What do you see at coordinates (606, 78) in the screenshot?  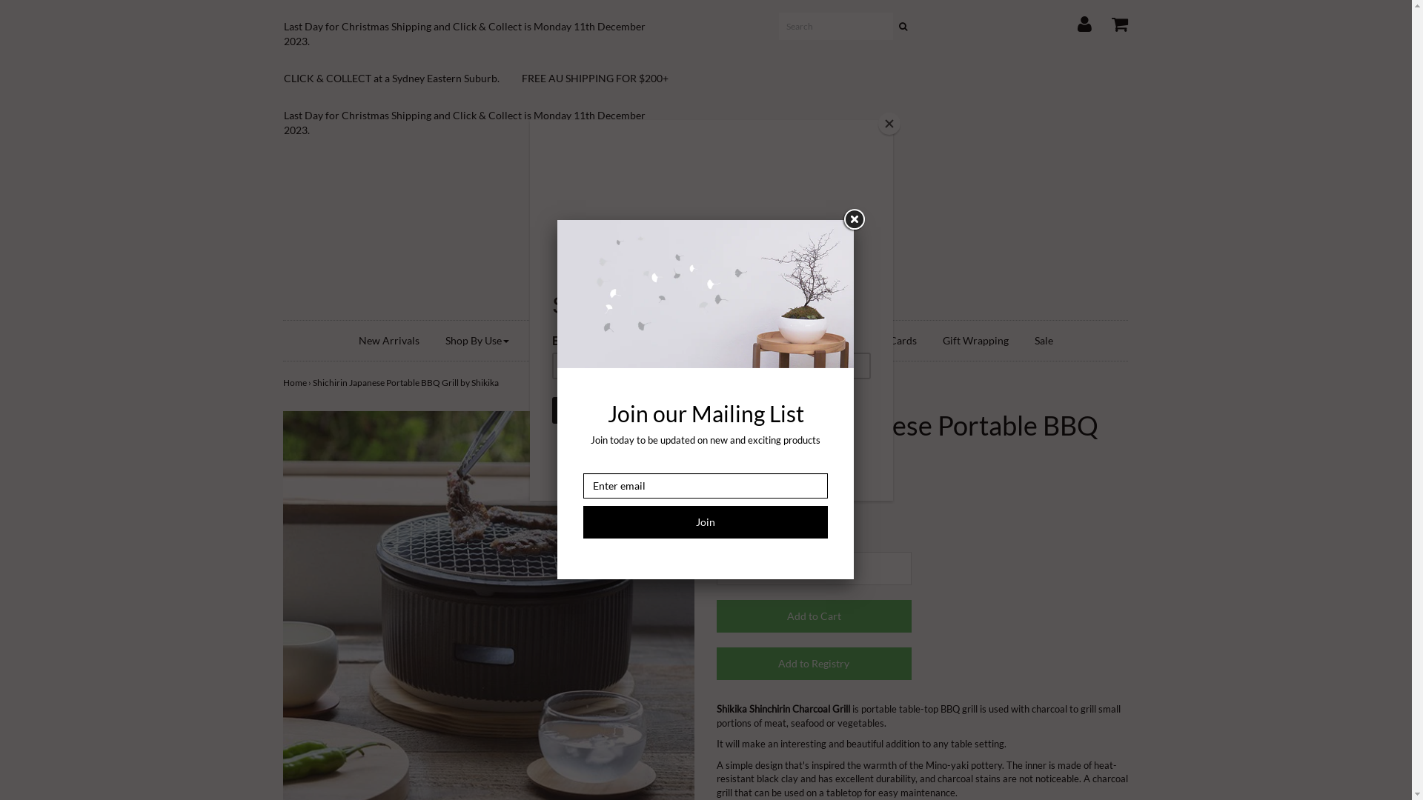 I see `'FREE AU SHIPPING FOR $200+'` at bounding box center [606, 78].